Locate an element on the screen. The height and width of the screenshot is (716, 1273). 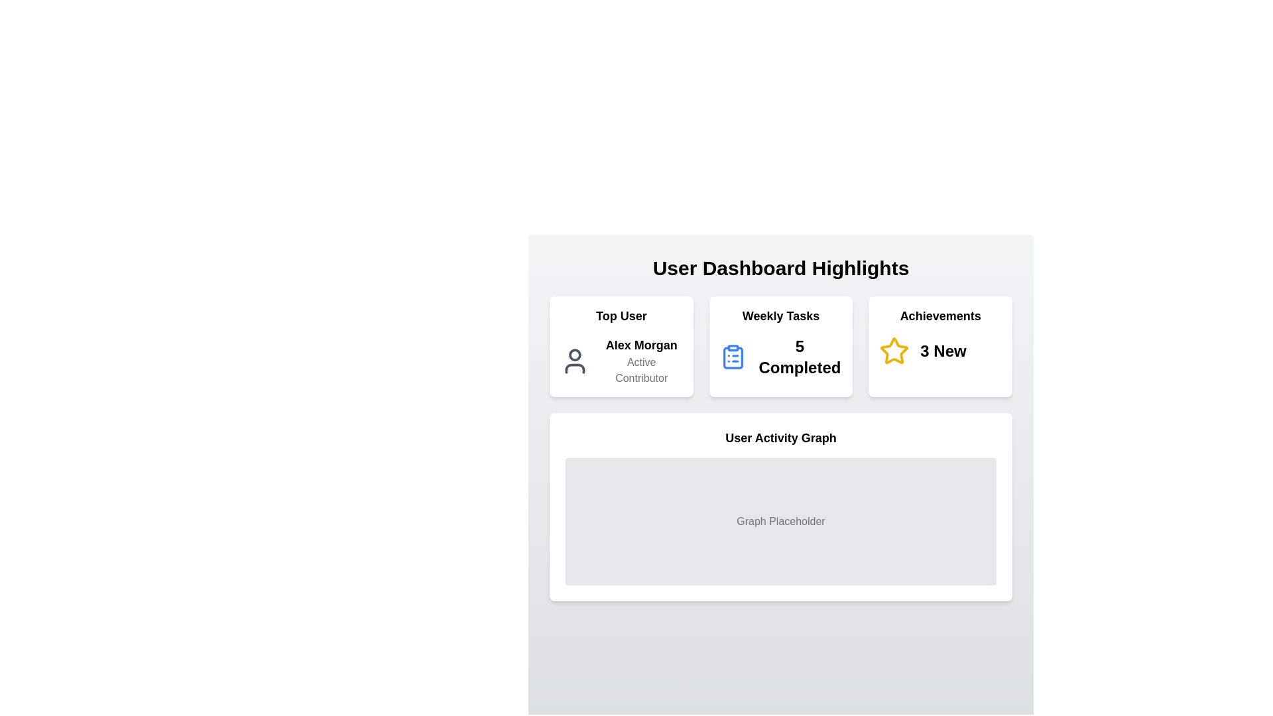
the user profile icon representing 'Alex Morgan' located to the left of the 'Top User' box is located at coordinates (575, 361).